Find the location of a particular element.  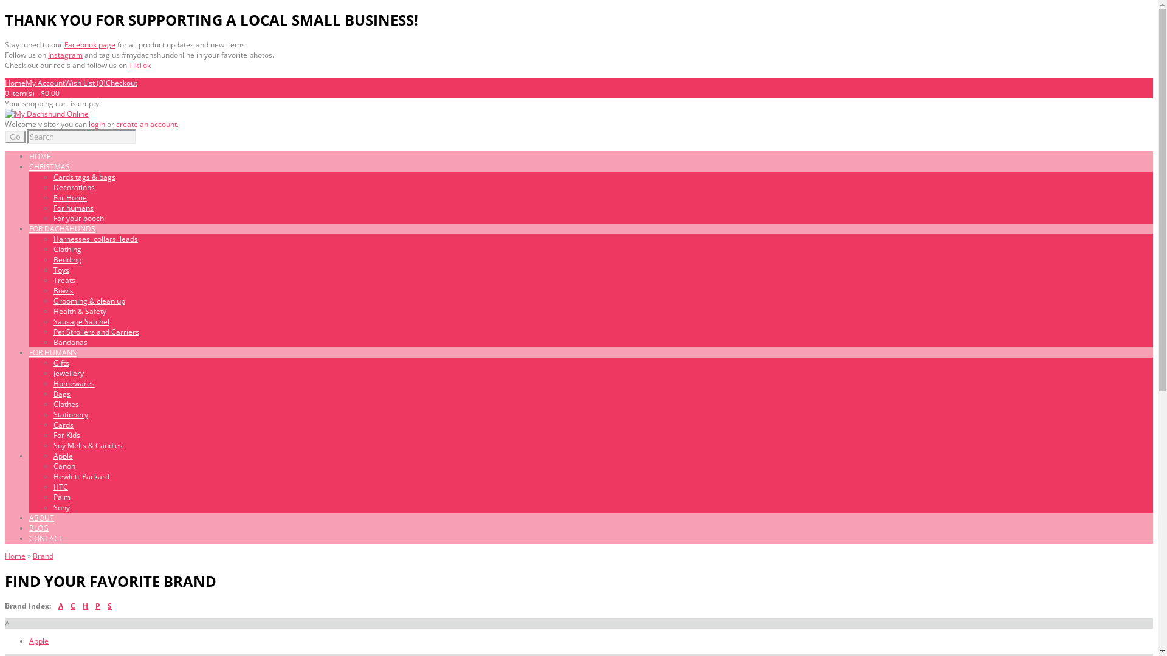

'Wish List (0)' is located at coordinates (84, 82).